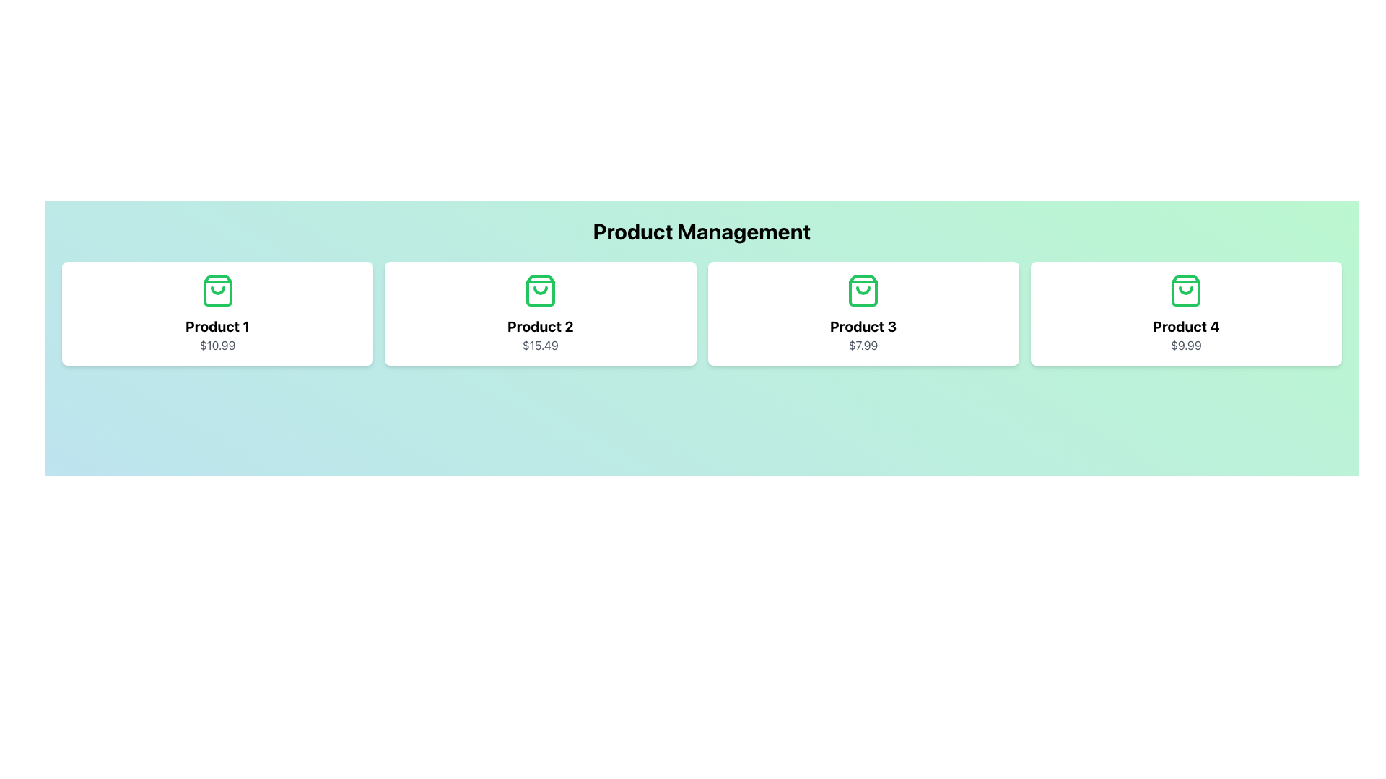 This screenshot has width=1386, height=779. Describe the element at coordinates (217, 290) in the screenshot. I see `shopping bag icon located at the top center of the 'Product 1' card, which is the first card in a horizontal row of four cards` at that location.